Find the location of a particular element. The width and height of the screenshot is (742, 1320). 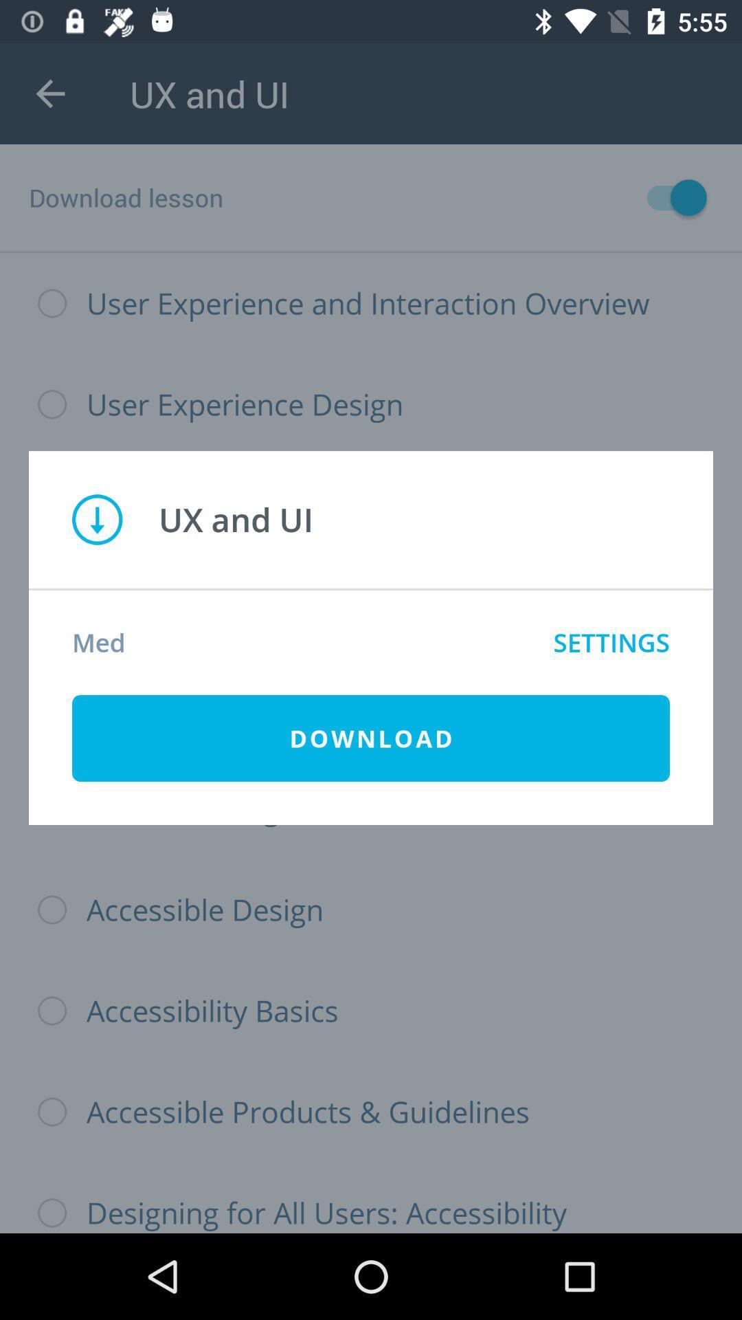

the icon above the download is located at coordinates (611, 641).